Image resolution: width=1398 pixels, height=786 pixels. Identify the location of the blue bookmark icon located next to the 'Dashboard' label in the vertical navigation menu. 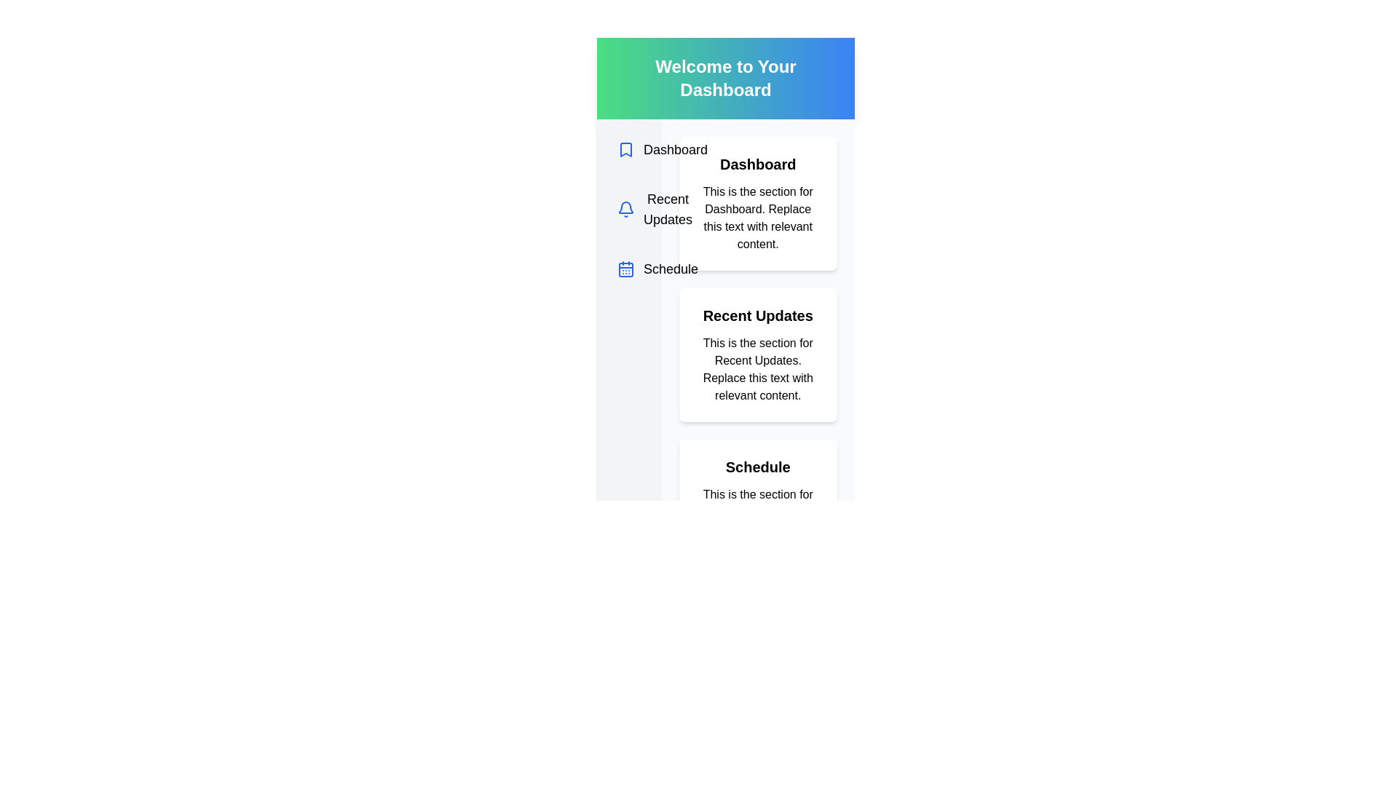
(629, 149).